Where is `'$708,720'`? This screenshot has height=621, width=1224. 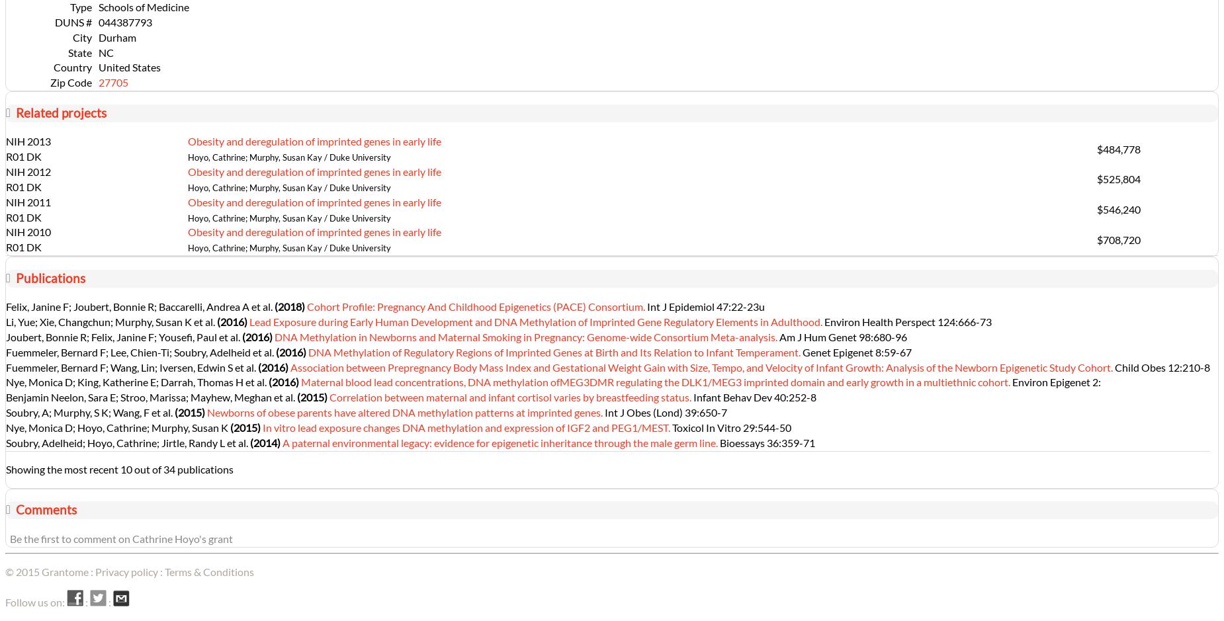
'$708,720' is located at coordinates (1117, 238).